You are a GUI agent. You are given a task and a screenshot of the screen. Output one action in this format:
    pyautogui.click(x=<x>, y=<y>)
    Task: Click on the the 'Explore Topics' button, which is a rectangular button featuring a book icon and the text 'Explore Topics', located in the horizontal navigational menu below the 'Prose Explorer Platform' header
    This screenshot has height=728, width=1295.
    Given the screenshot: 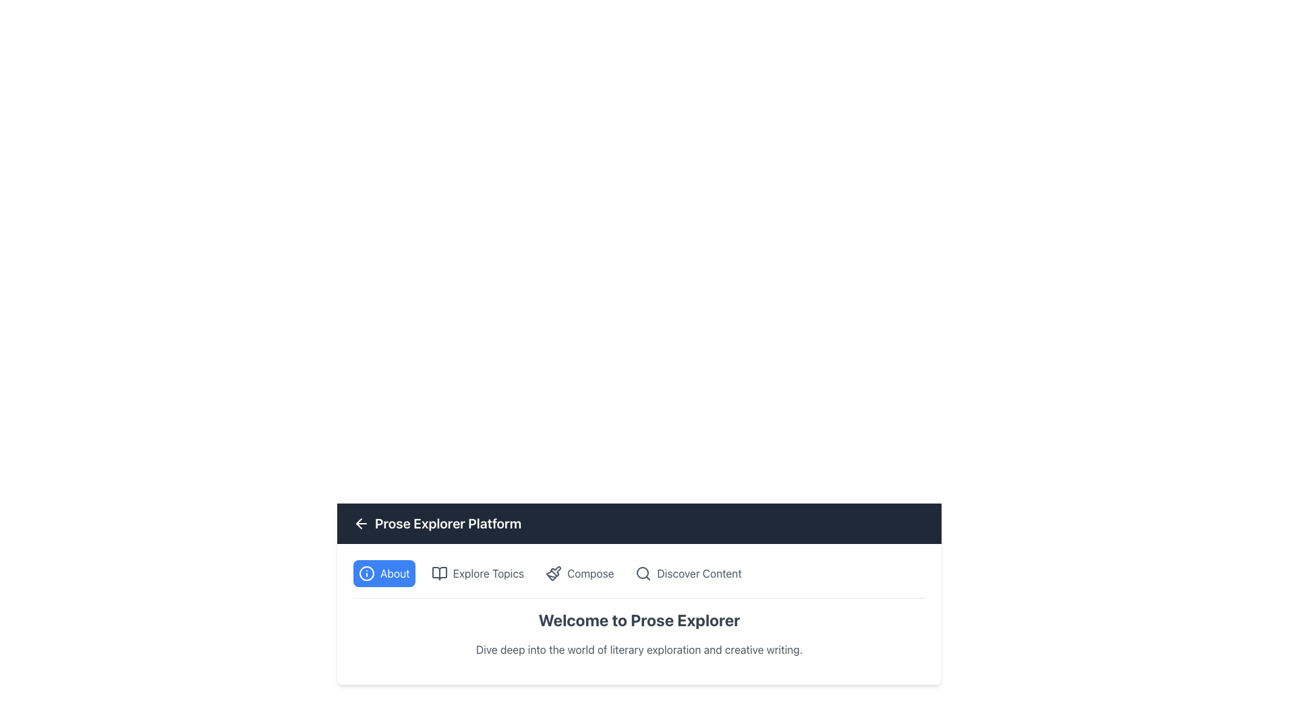 What is the action you would take?
    pyautogui.click(x=478, y=574)
    